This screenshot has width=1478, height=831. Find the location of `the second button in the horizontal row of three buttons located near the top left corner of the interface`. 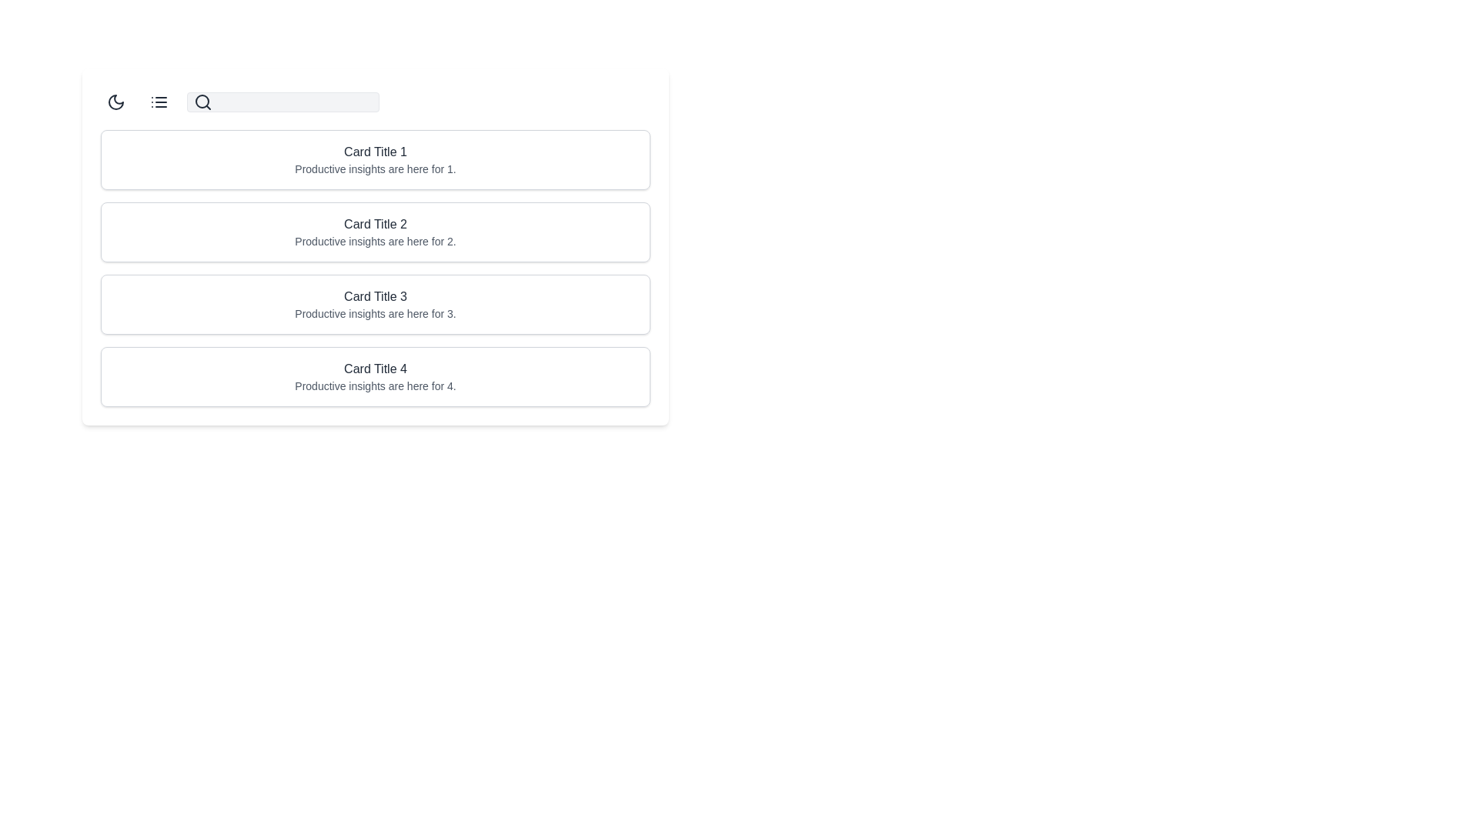

the second button in the horizontal row of three buttons located near the top left corner of the interface is located at coordinates (159, 102).